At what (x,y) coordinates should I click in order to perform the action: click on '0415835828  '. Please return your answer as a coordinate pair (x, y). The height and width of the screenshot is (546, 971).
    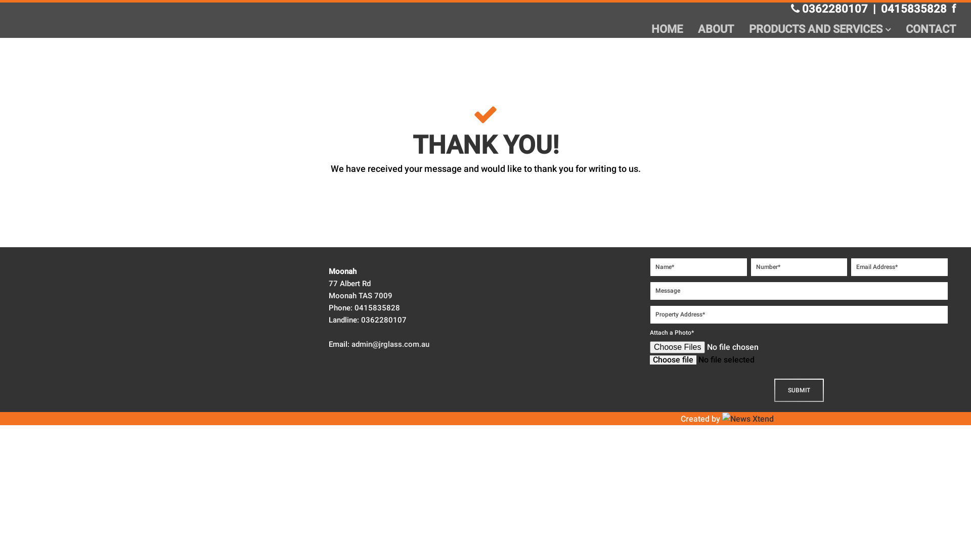
    Looking at the image, I should click on (916, 9).